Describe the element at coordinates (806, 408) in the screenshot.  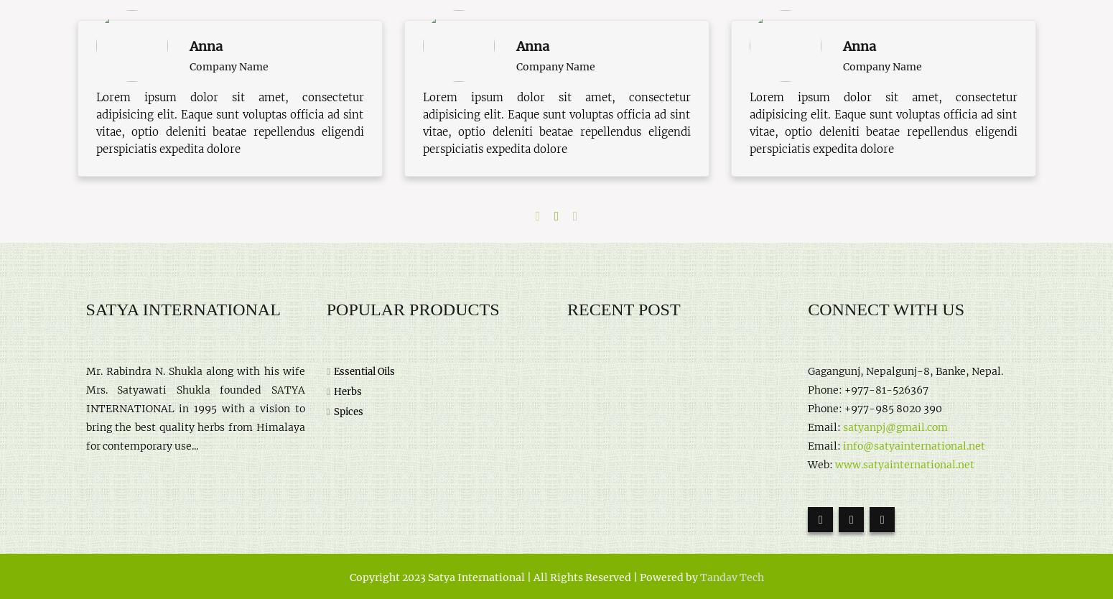
I see `'Phone: +977-985 8020 390'` at that location.